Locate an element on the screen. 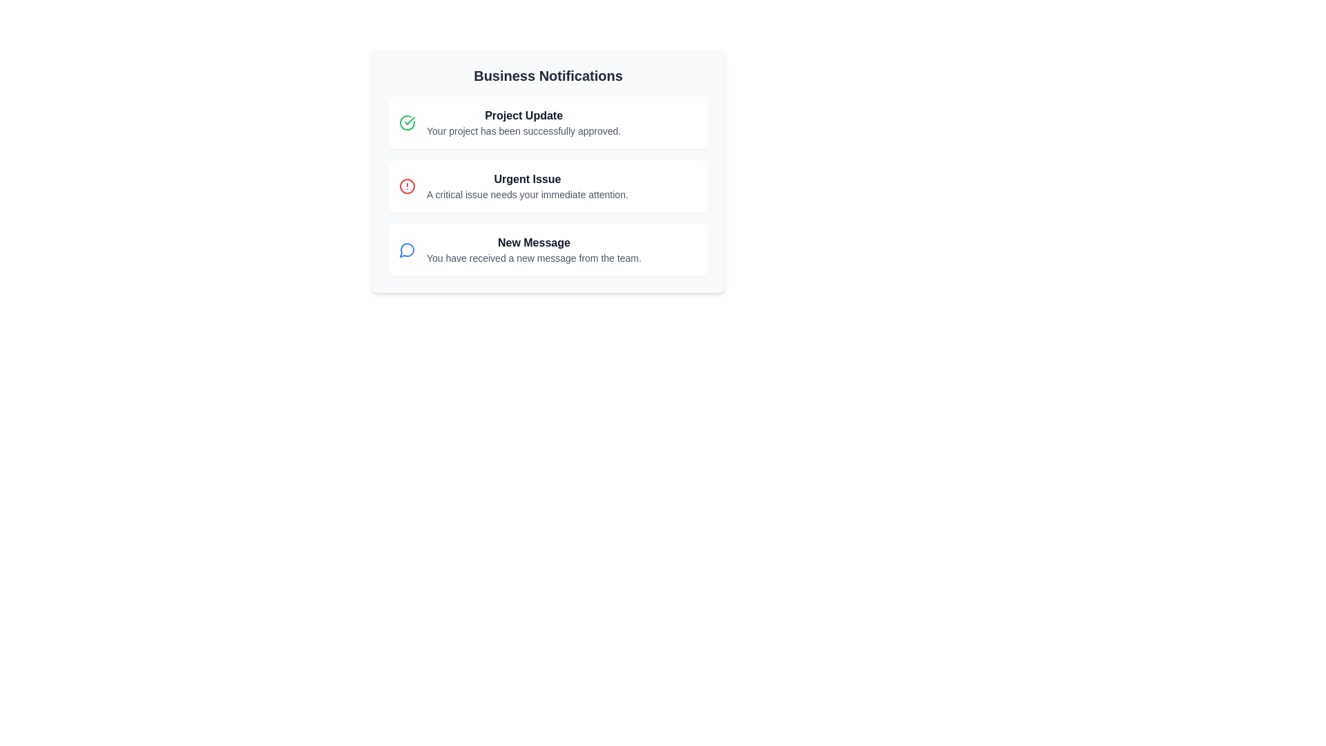 The height and width of the screenshot is (746, 1326). the Notification Card that displays the successful approval of the user's project, located in the 'Business Notifications' section is located at coordinates (547, 122).